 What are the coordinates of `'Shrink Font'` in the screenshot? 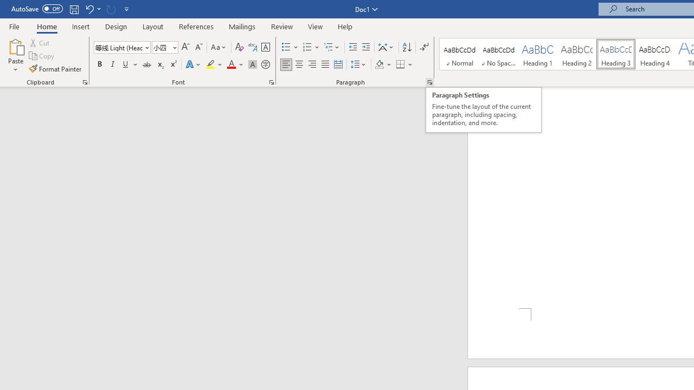 It's located at (198, 47).